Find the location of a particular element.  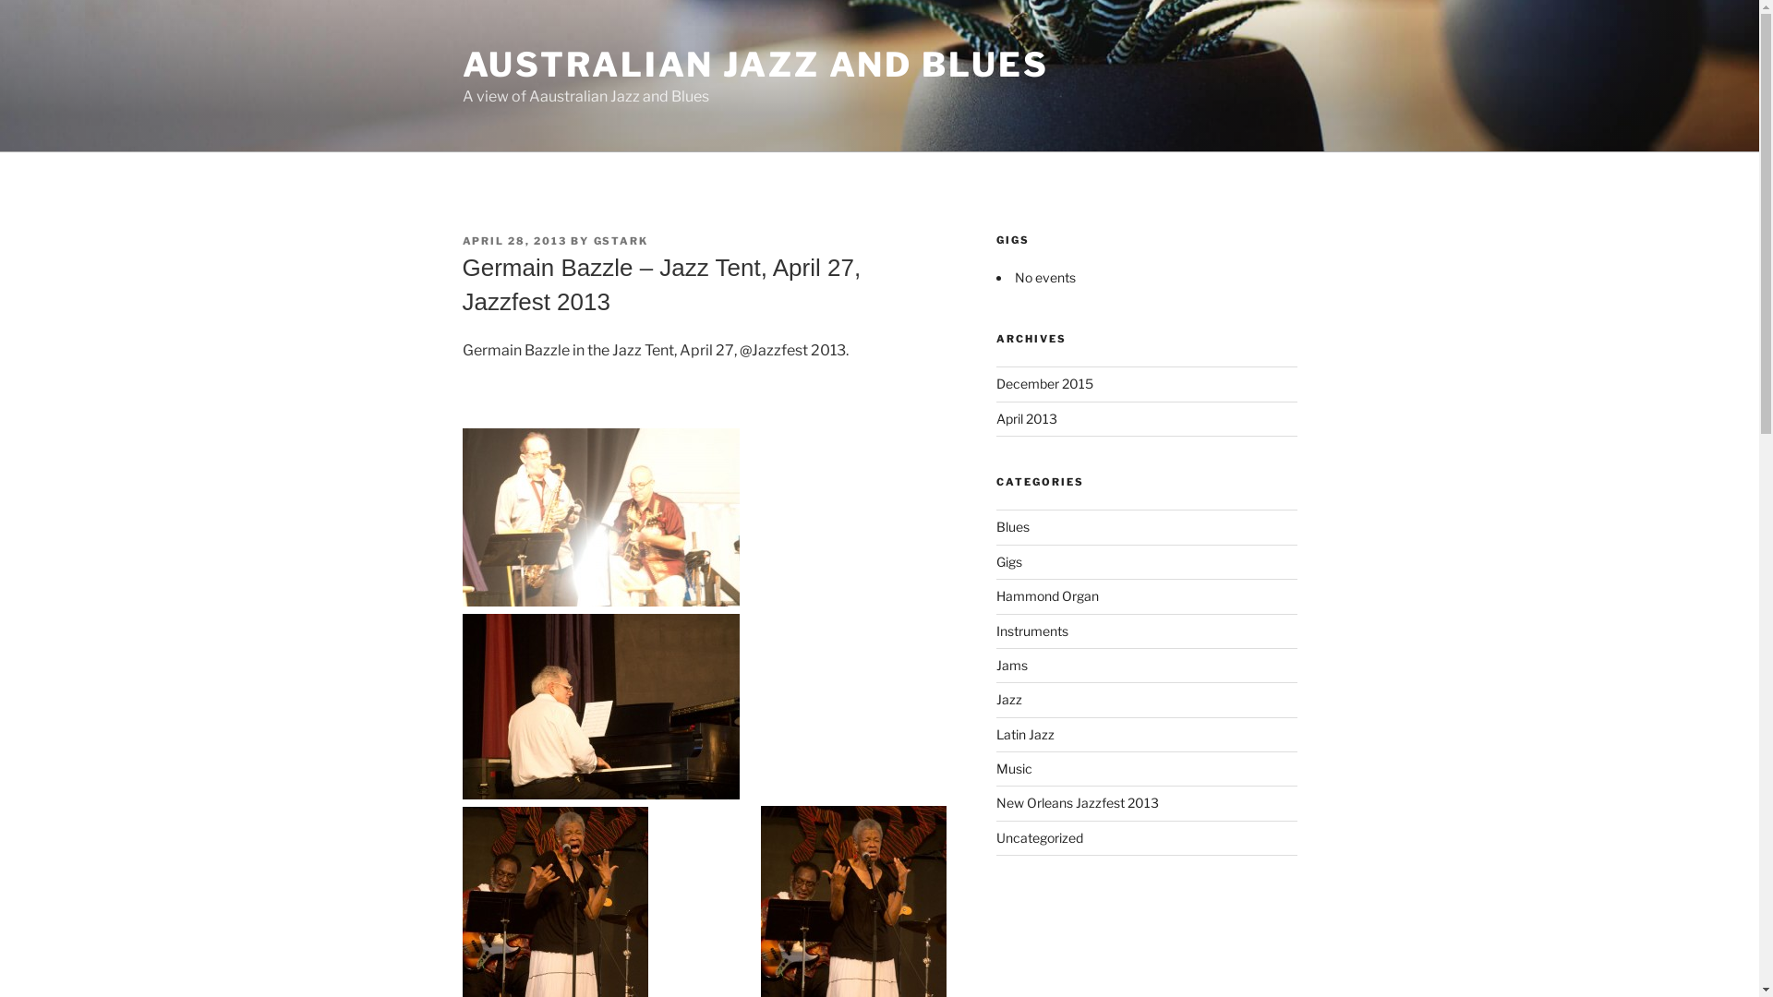

'Latin Jazz' is located at coordinates (1024, 733).